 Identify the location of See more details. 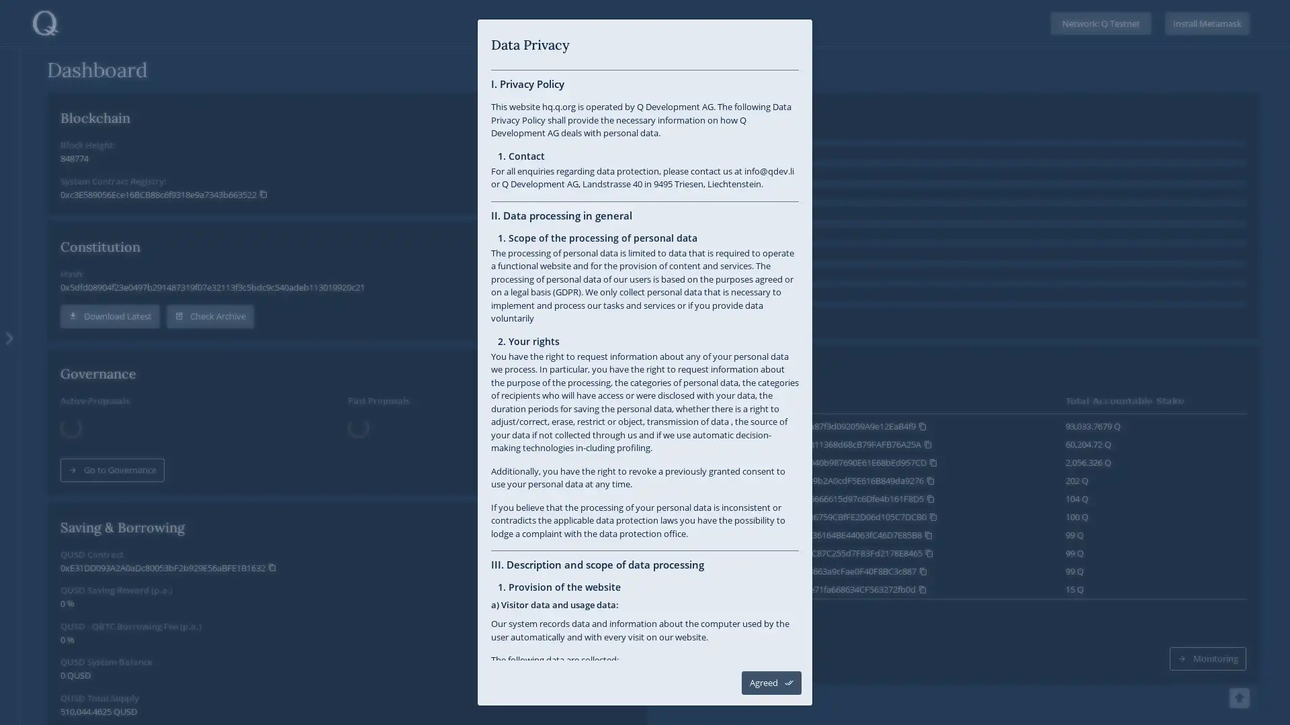
(720, 625).